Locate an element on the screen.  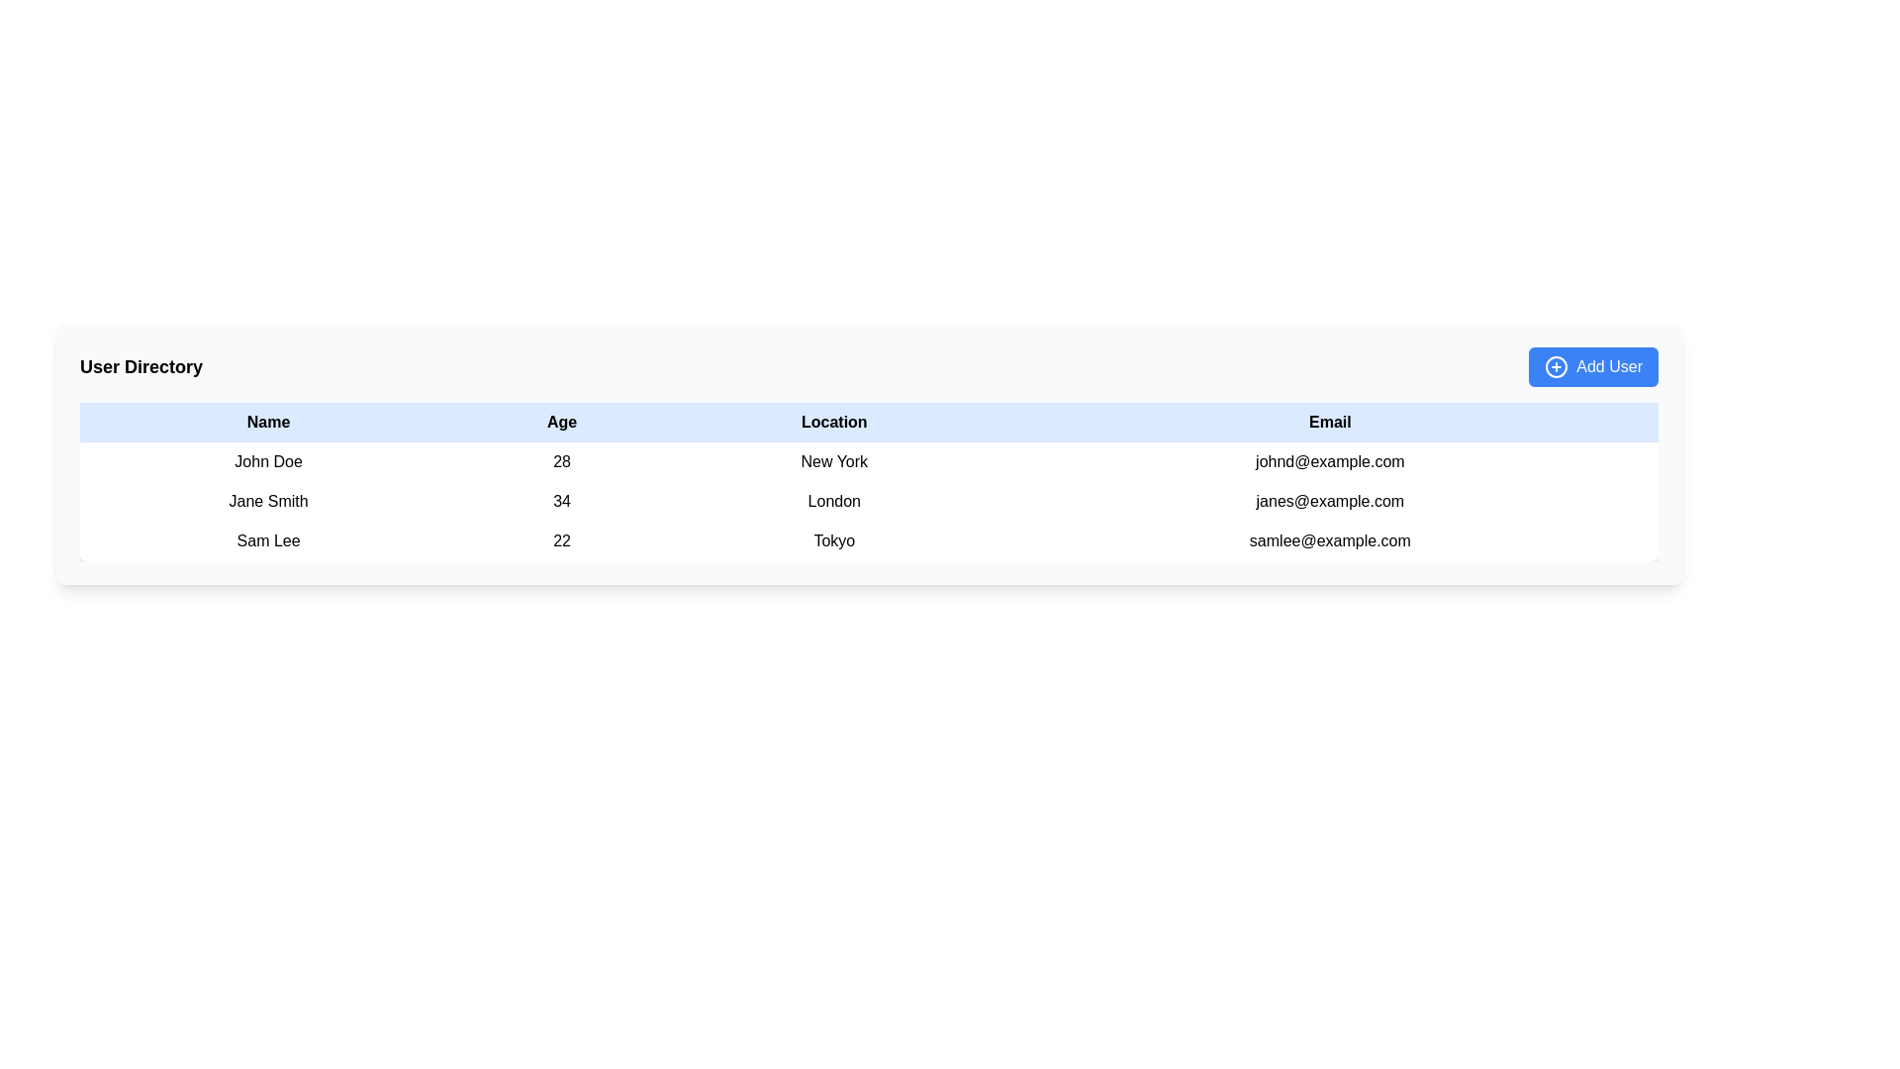
bold, large-sized text label 'User Directory' located at the upper left corner of its section is located at coordinates (141, 366).